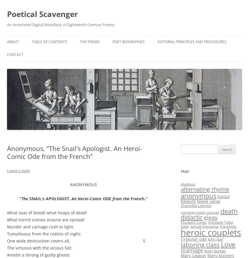 This screenshot has height=258, width=249. What do you see at coordinates (210, 217) in the screenshot?
I see `'elegy'` at bounding box center [210, 217].